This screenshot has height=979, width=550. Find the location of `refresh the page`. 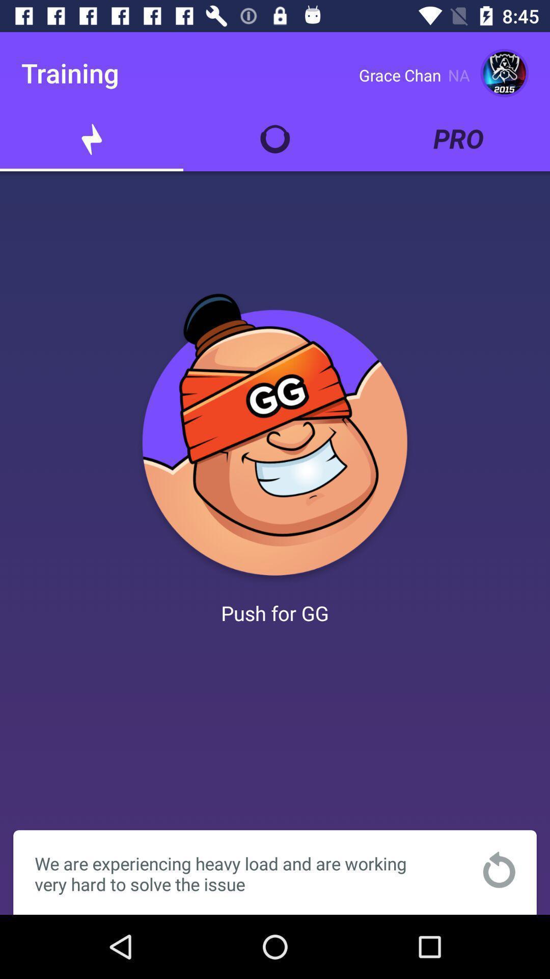

refresh the page is located at coordinates (499, 869).